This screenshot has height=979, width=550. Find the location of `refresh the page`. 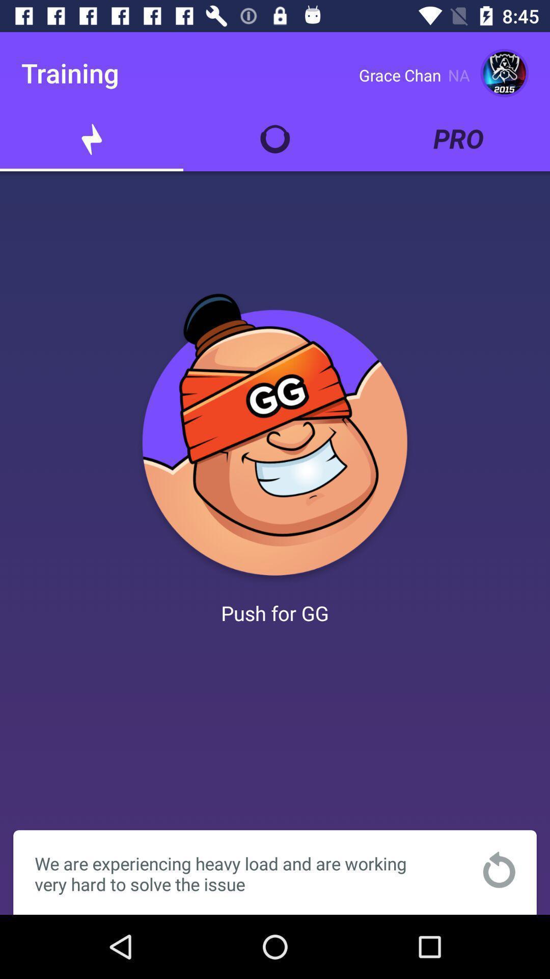

refresh the page is located at coordinates (499, 869).